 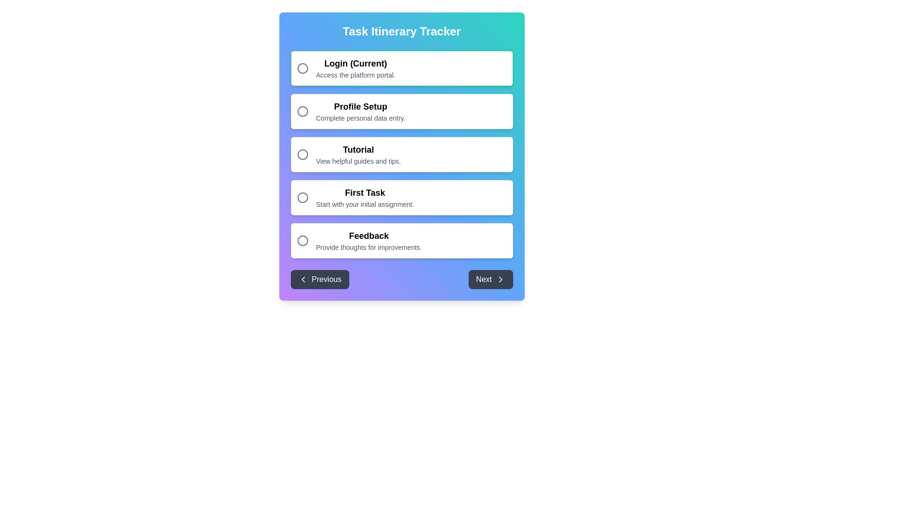 What do you see at coordinates (302, 67) in the screenshot?
I see `the 'Login (Current)' task status icon located at the top segment of the vertical task list, near the left edge` at bounding box center [302, 67].